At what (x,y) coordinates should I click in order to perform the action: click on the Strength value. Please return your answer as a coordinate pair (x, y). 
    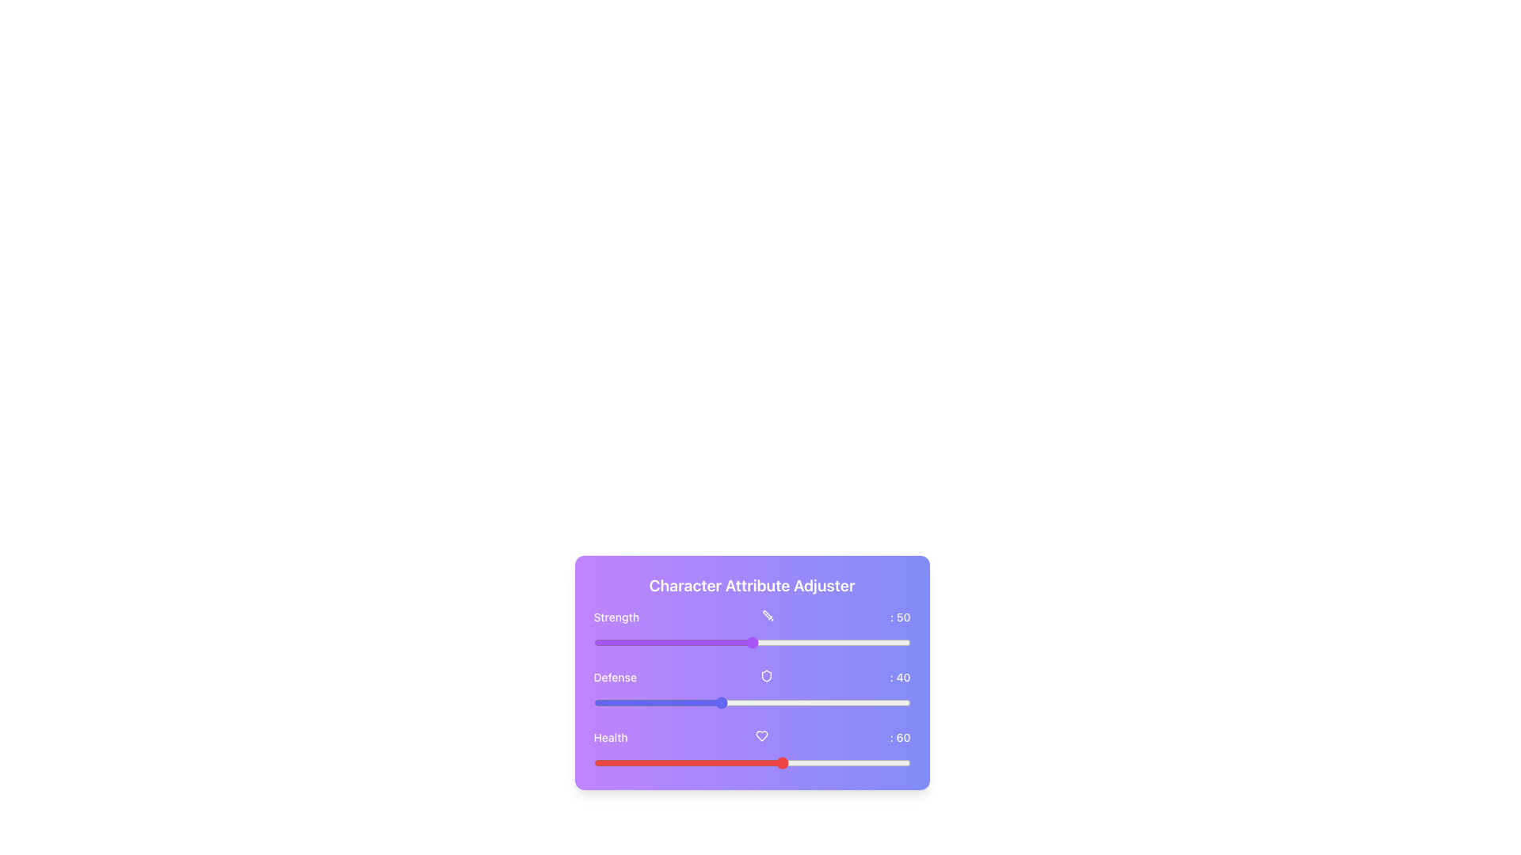
    Looking at the image, I should click on (713, 643).